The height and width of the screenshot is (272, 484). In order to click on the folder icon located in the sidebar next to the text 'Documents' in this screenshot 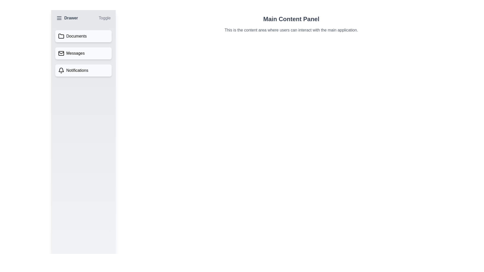, I will do `click(61, 36)`.